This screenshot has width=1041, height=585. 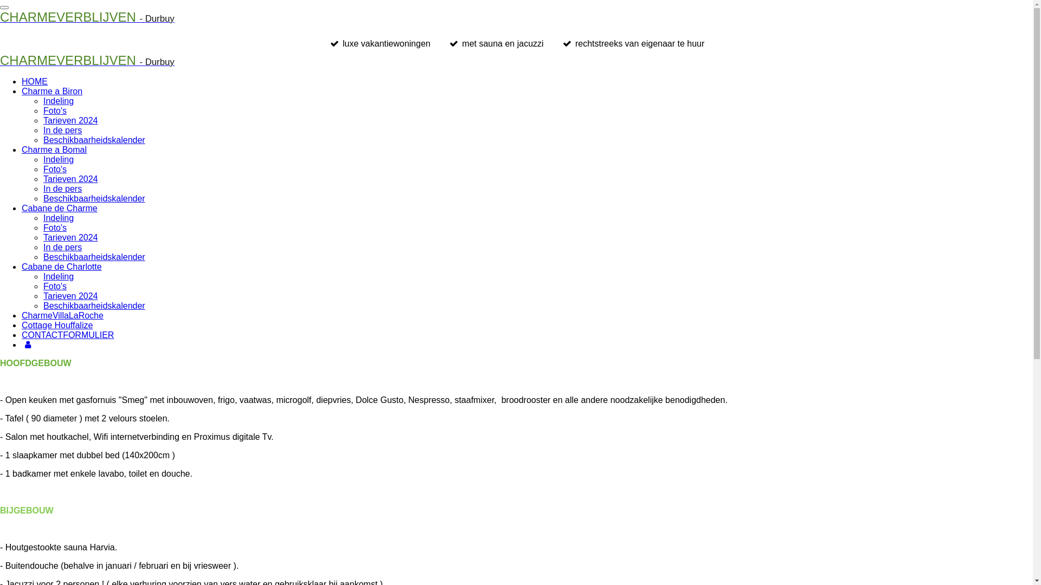 What do you see at coordinates (62, 188) in the screenshot?
I see `'In de pers'` at bounding box center [62, 188].